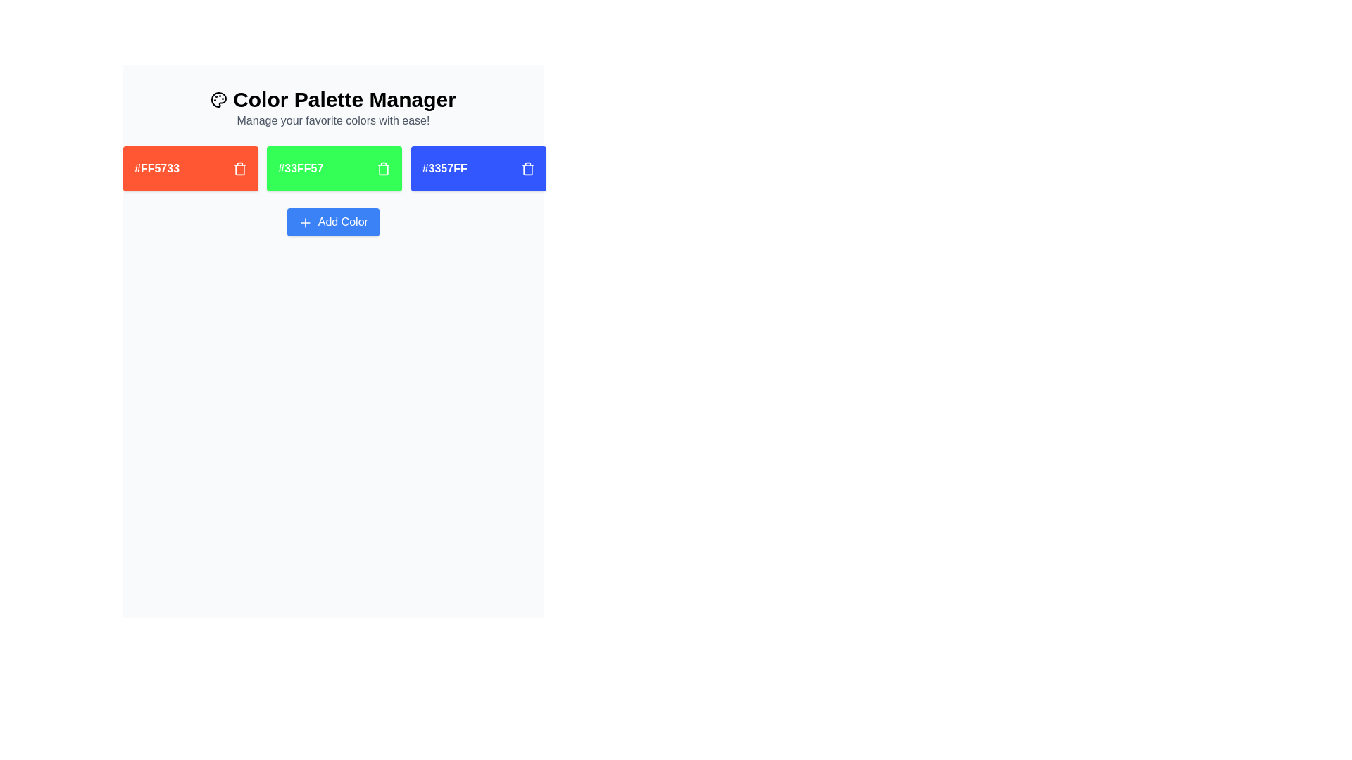 This screenshot has width=1352, height=760. What do you see at coordinates (332, 167) in the screenshot?
I see `the bright green card displaying '#33FF57' in bold white font, located between the red and blue cards in the Color Palette Manager grid` at bounding box center [332, 167].